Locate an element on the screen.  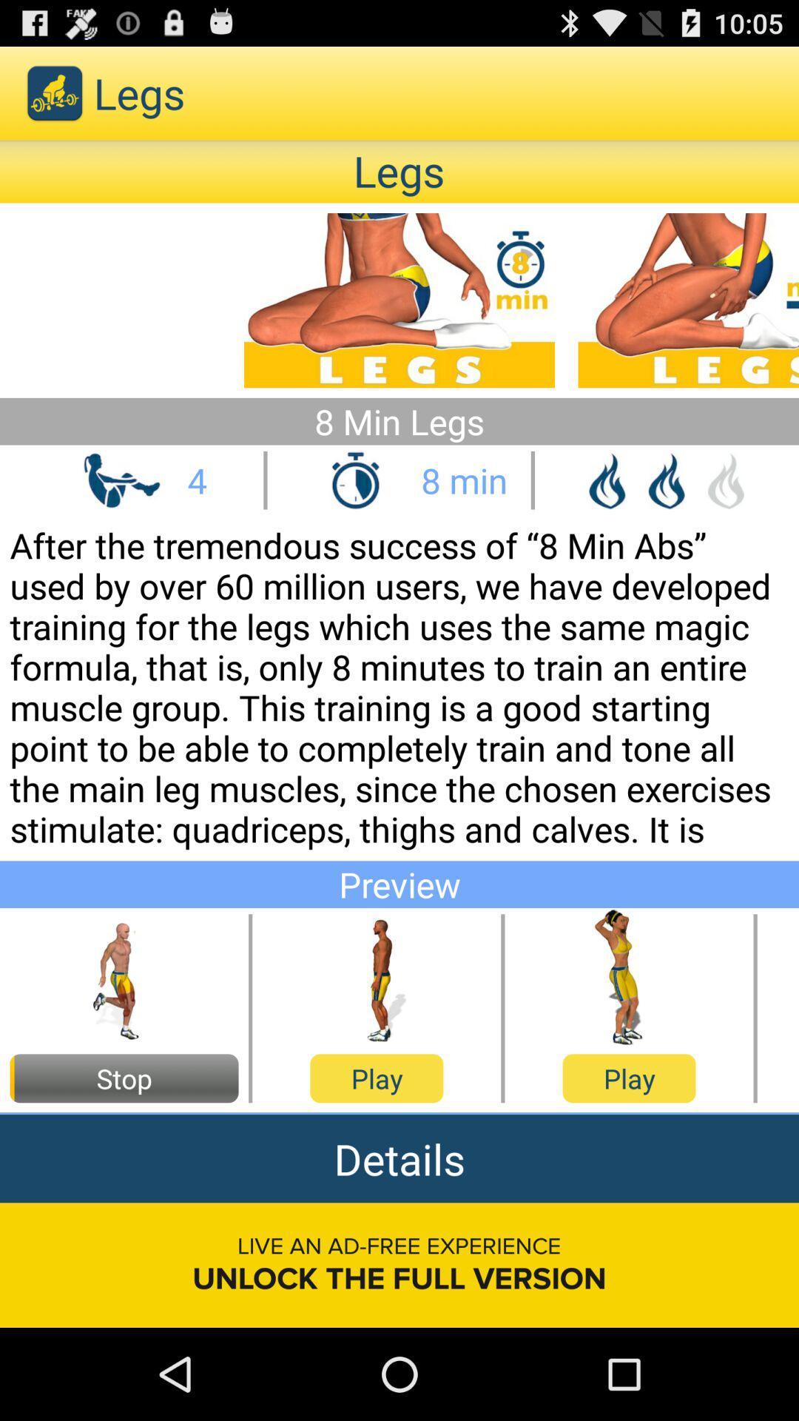
details is located at coordinates (399, 1158).